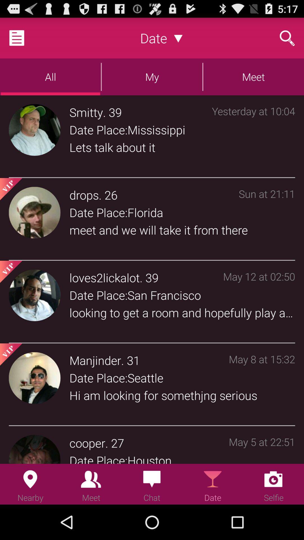  What do you see at coordinates (95, 360) in the screenshot?
I see `app above the date place:seattle app` at bounding box center [95, 360].